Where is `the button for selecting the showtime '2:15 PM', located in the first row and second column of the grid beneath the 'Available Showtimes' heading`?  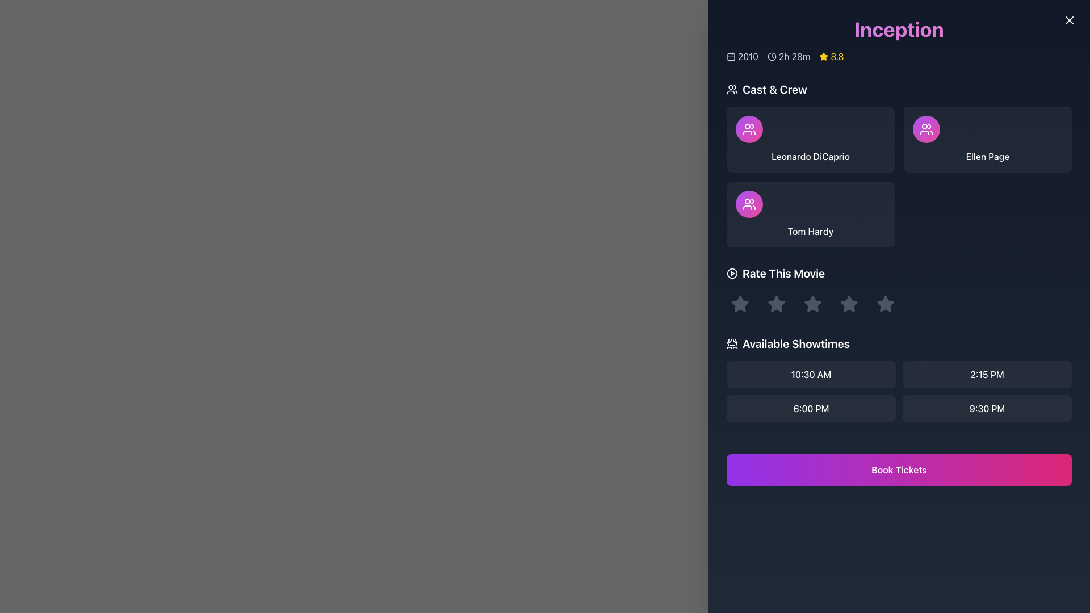
the button for selecting the showtime '2:15 PM', located in the first row and second column of the grid beneath the 'Available Showtimes' heading is located at coordinates (986, 374).